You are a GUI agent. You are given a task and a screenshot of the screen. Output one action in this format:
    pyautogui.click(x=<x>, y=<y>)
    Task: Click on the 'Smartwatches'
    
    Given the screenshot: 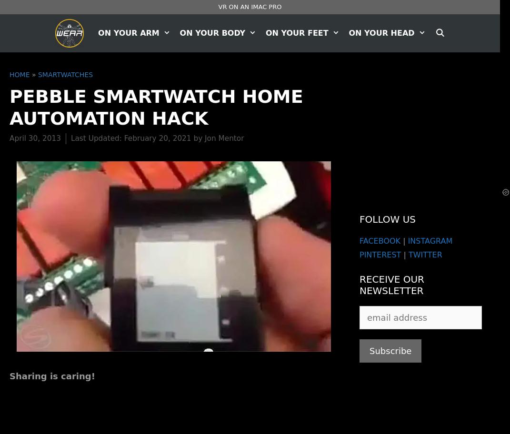 What is the action you would take?
    pyautogui.click(x=38, y=74)
    